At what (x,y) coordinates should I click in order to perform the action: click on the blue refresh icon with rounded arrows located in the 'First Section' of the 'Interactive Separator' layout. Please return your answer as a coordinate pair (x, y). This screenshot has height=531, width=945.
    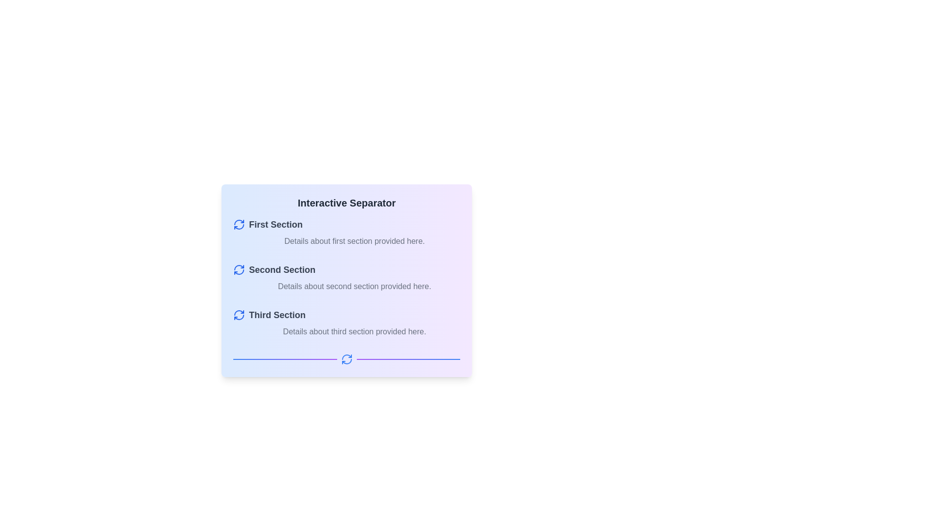
    Looking at the image, I should click on (239, 224).